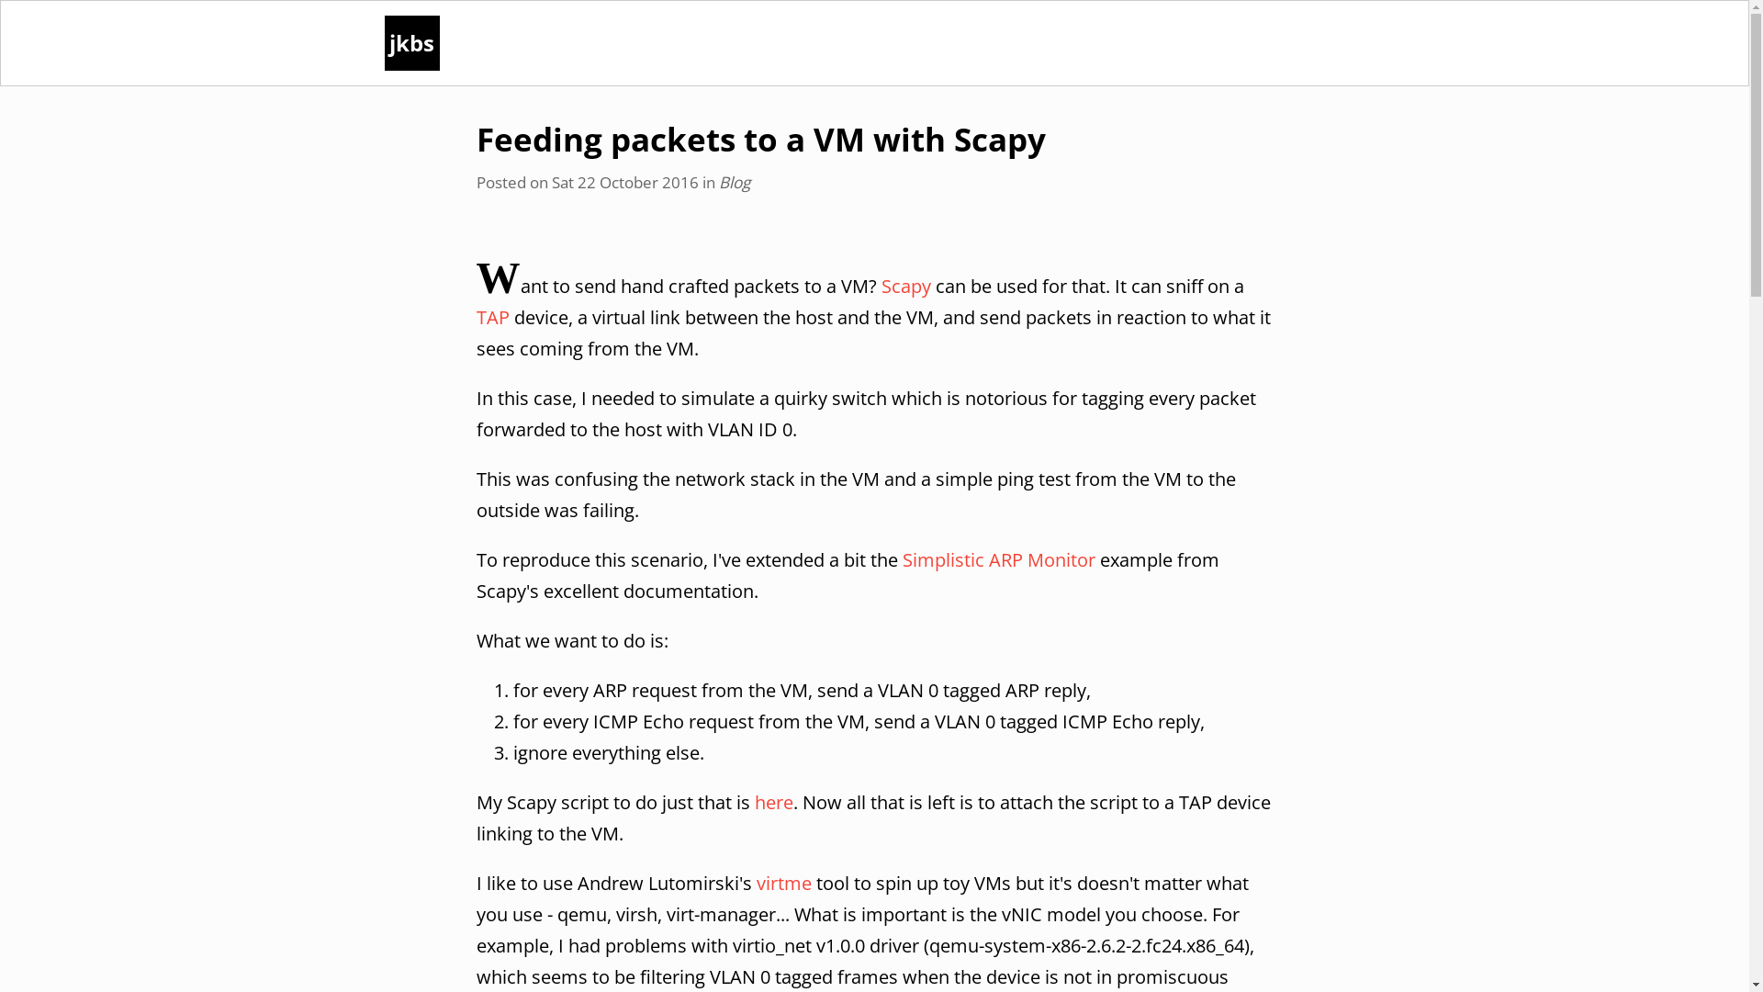 The image size is (1763, 992). Describe the element at coordinates (996, 558) in the screenshot. I see `'Simplistic ARP Monitor'` at that location.